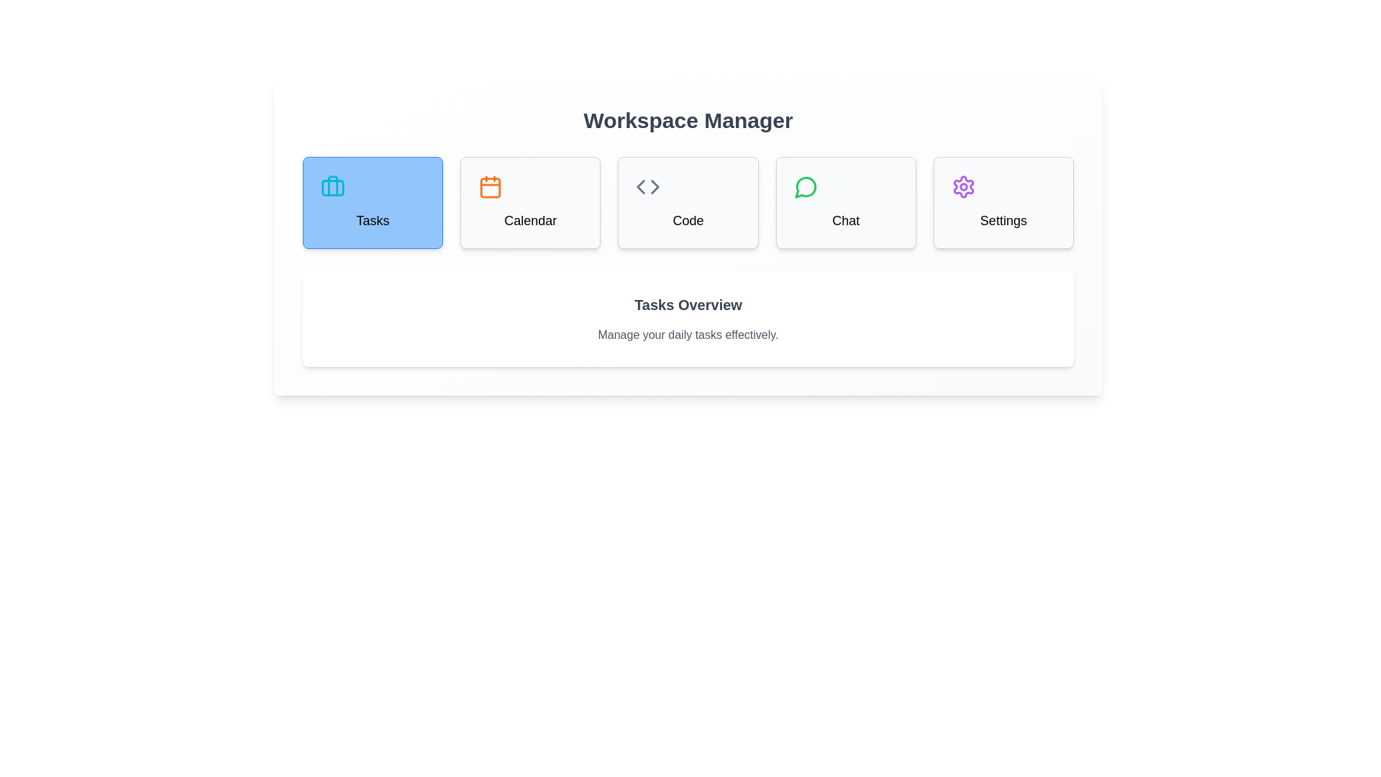  I want to click on the cyan-colored briefcase icon located inside the blue rounded rectangular 'Tasks' button, which is the first button in a horizontal row of buttons, so click(332, 186).